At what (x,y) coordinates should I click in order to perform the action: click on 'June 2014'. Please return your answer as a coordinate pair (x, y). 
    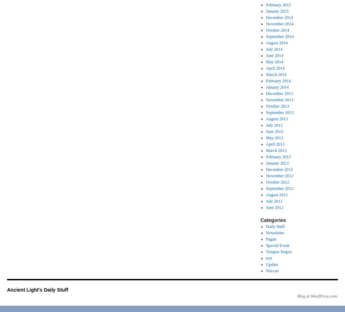
    Looking at the image, I should click on (274, 55).